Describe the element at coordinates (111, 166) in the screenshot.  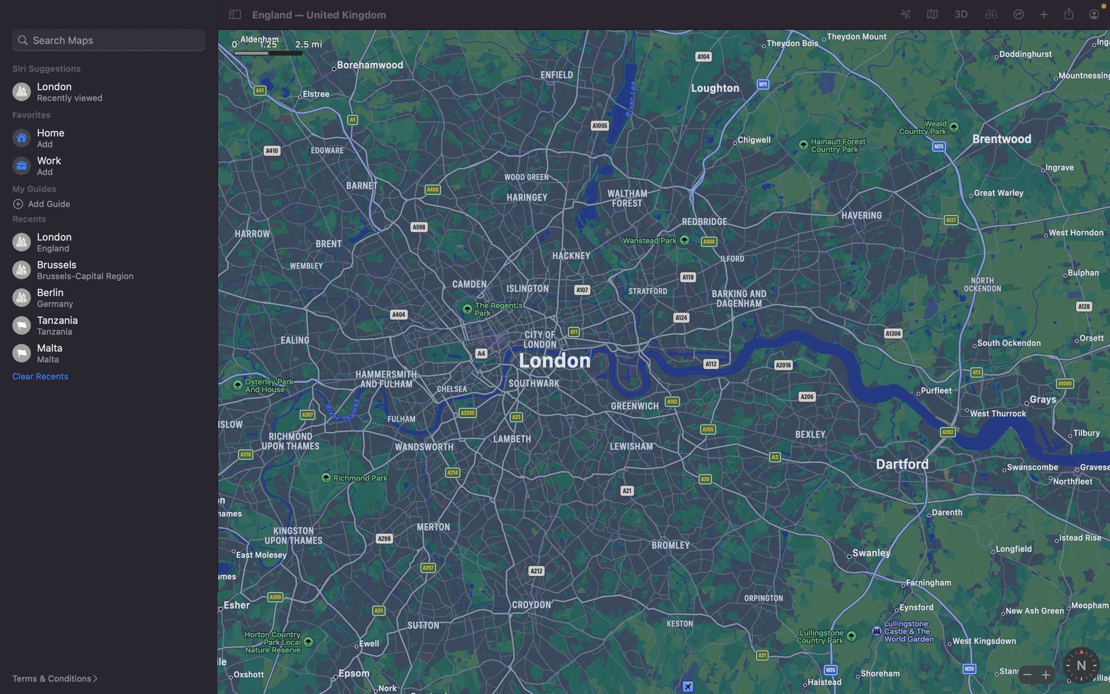
I see `Insert an amended professional space` at that location.